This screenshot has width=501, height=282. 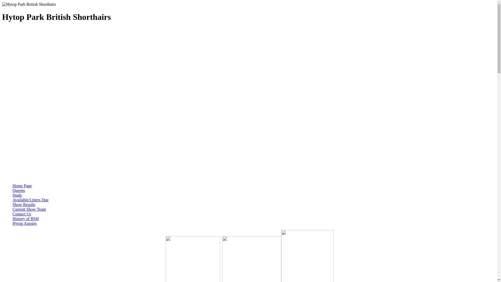 I want to click on 'Show Results', so click(x=23, y=204).